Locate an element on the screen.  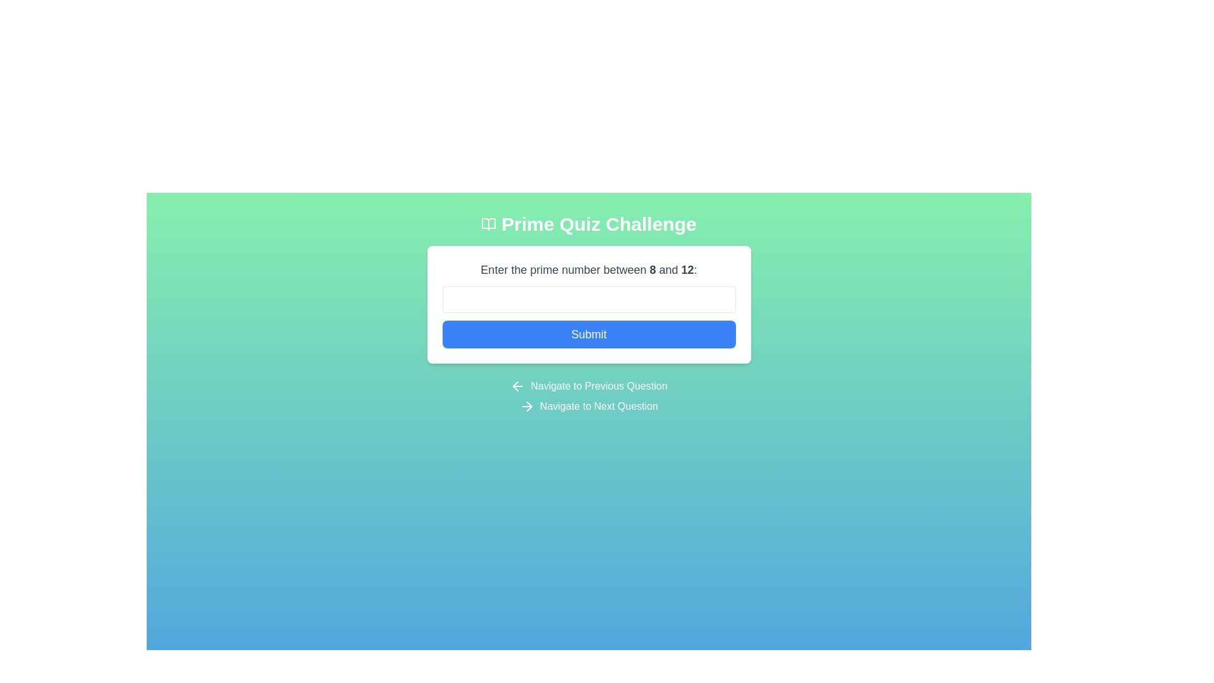
the decorative icon depicting an open book, which is located to the left of the title 'Prime Quiz Challenge' is located at coordinates (488, 223).